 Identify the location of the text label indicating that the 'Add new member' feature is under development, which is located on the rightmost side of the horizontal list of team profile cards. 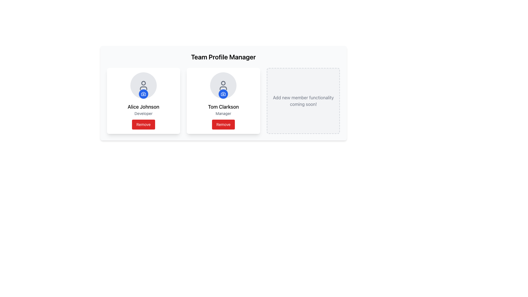
(303, 101).